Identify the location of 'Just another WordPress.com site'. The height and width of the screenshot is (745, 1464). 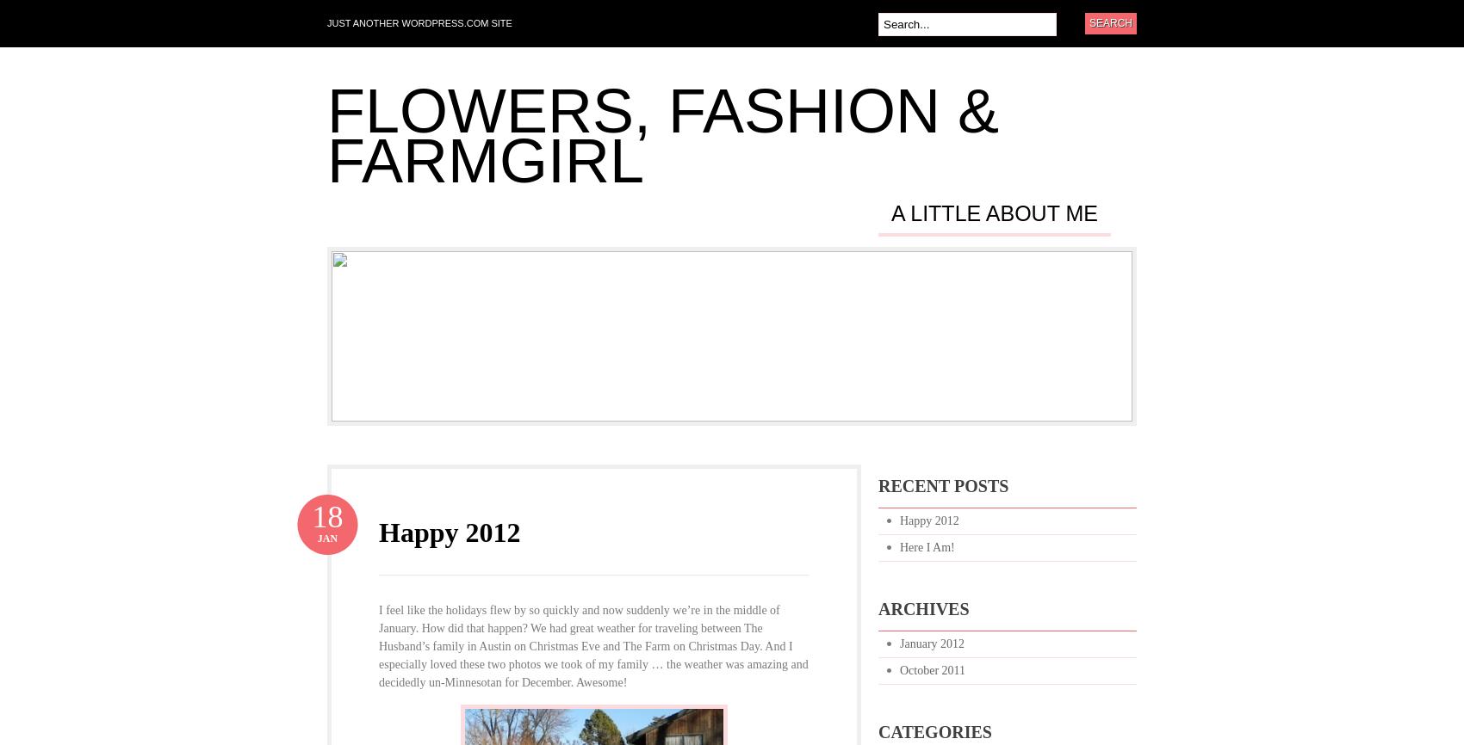
(419, 23).